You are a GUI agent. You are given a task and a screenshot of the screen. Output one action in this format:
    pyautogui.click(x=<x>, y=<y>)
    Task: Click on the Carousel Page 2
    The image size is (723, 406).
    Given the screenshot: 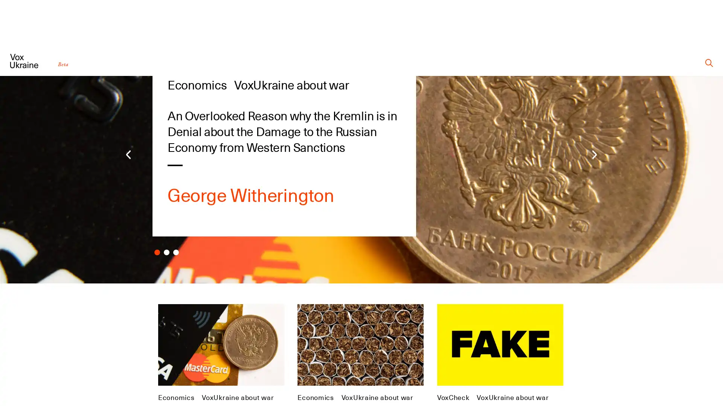 What is the action you would take?
    pyautogui.click(x=166, y=303)
    